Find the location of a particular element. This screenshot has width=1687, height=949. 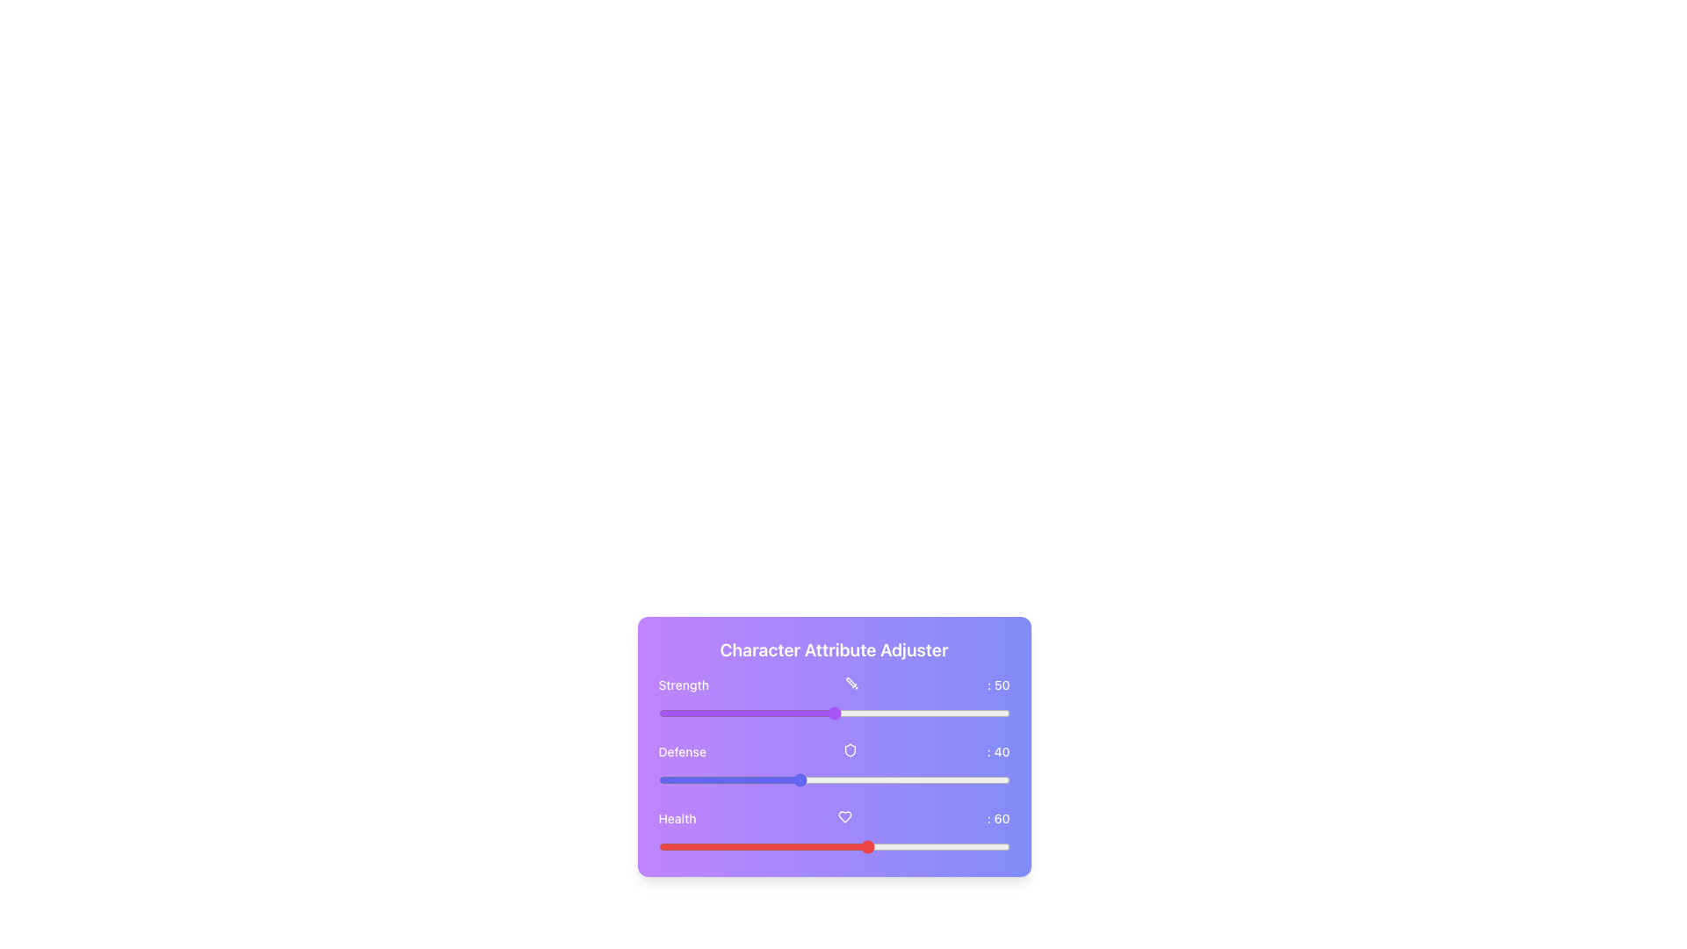

the slider value is located at coordinates (887, 779).